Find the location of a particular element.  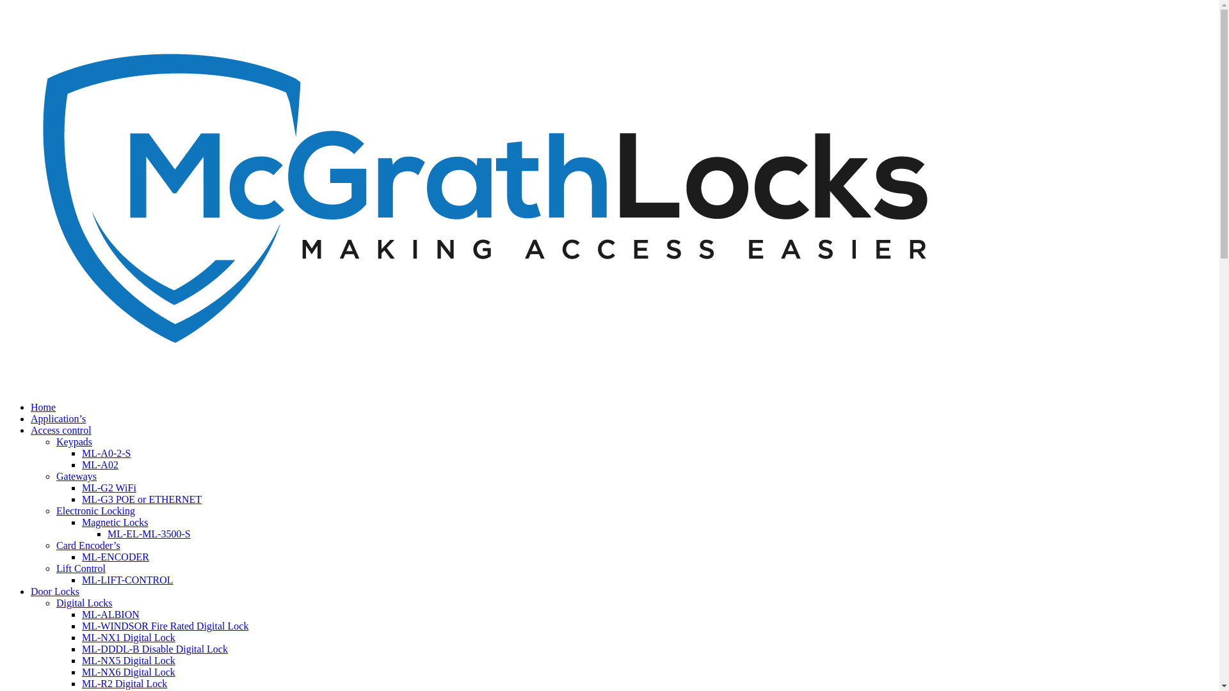

'ML-EL-ML-3500-S' is located at coordinates (149, 534).